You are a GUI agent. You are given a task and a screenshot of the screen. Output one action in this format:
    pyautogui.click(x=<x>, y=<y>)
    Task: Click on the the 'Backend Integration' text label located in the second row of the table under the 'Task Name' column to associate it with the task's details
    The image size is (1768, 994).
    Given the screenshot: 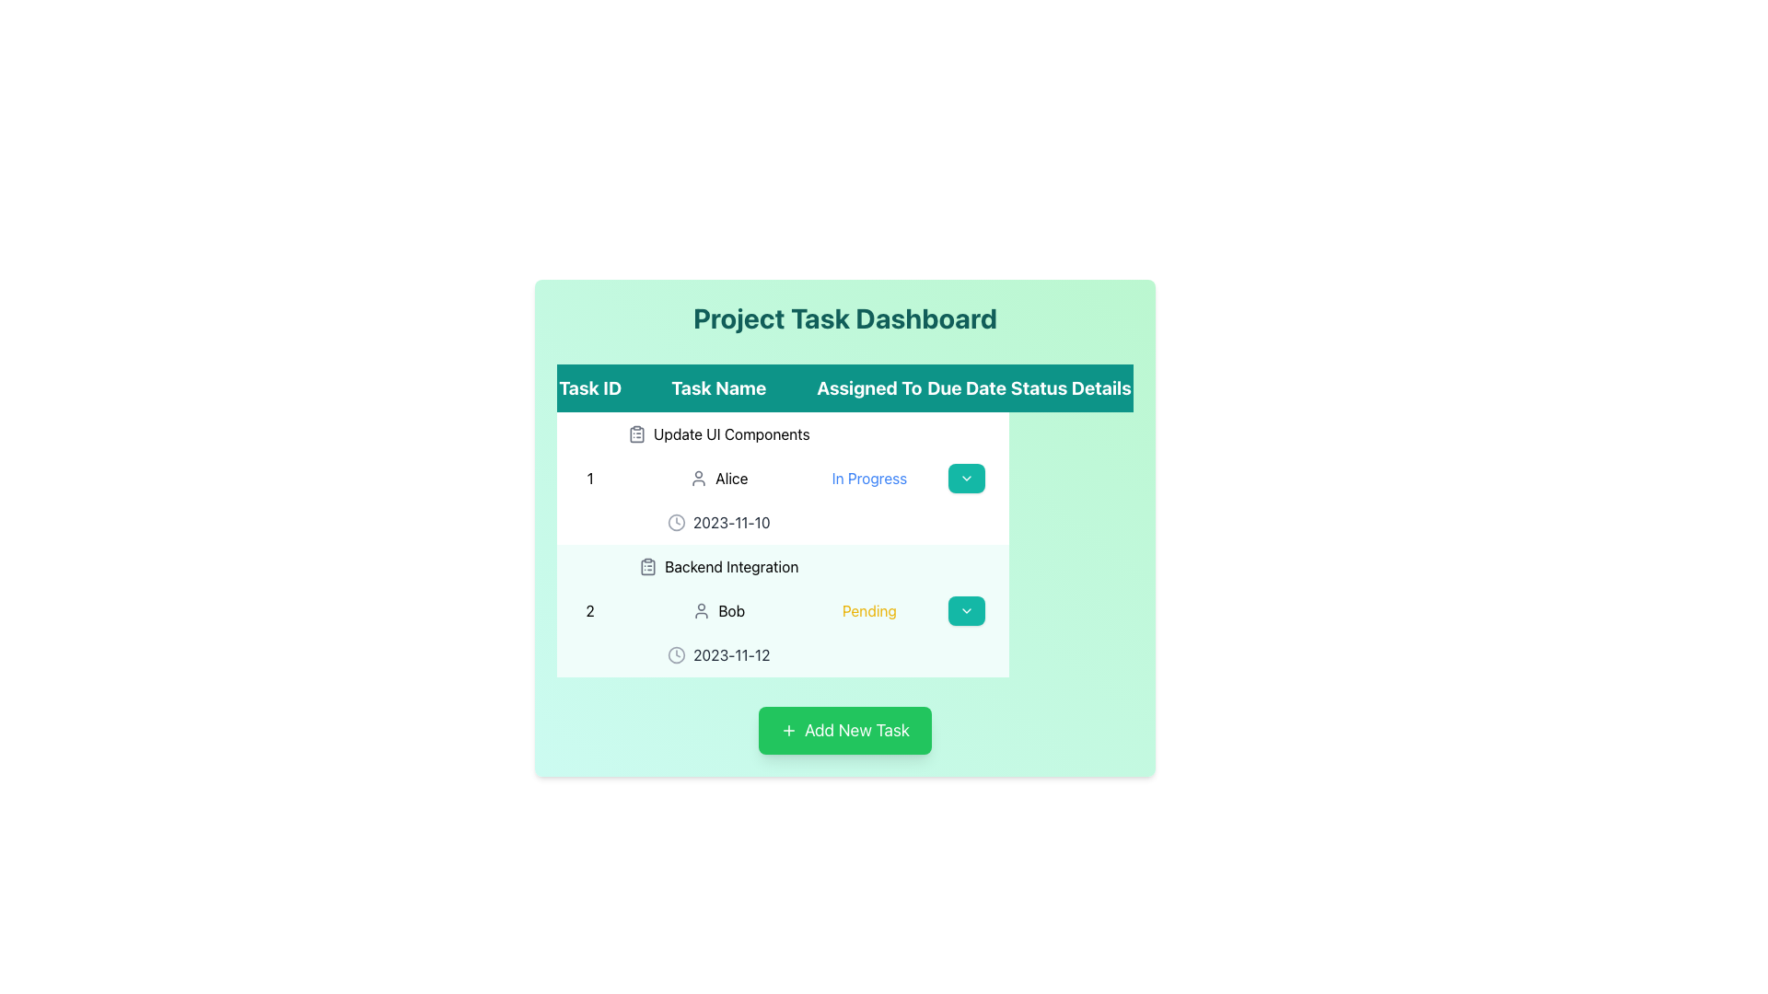 What is the action you would take?
    pyautogui.click(x=730, y=566)
    